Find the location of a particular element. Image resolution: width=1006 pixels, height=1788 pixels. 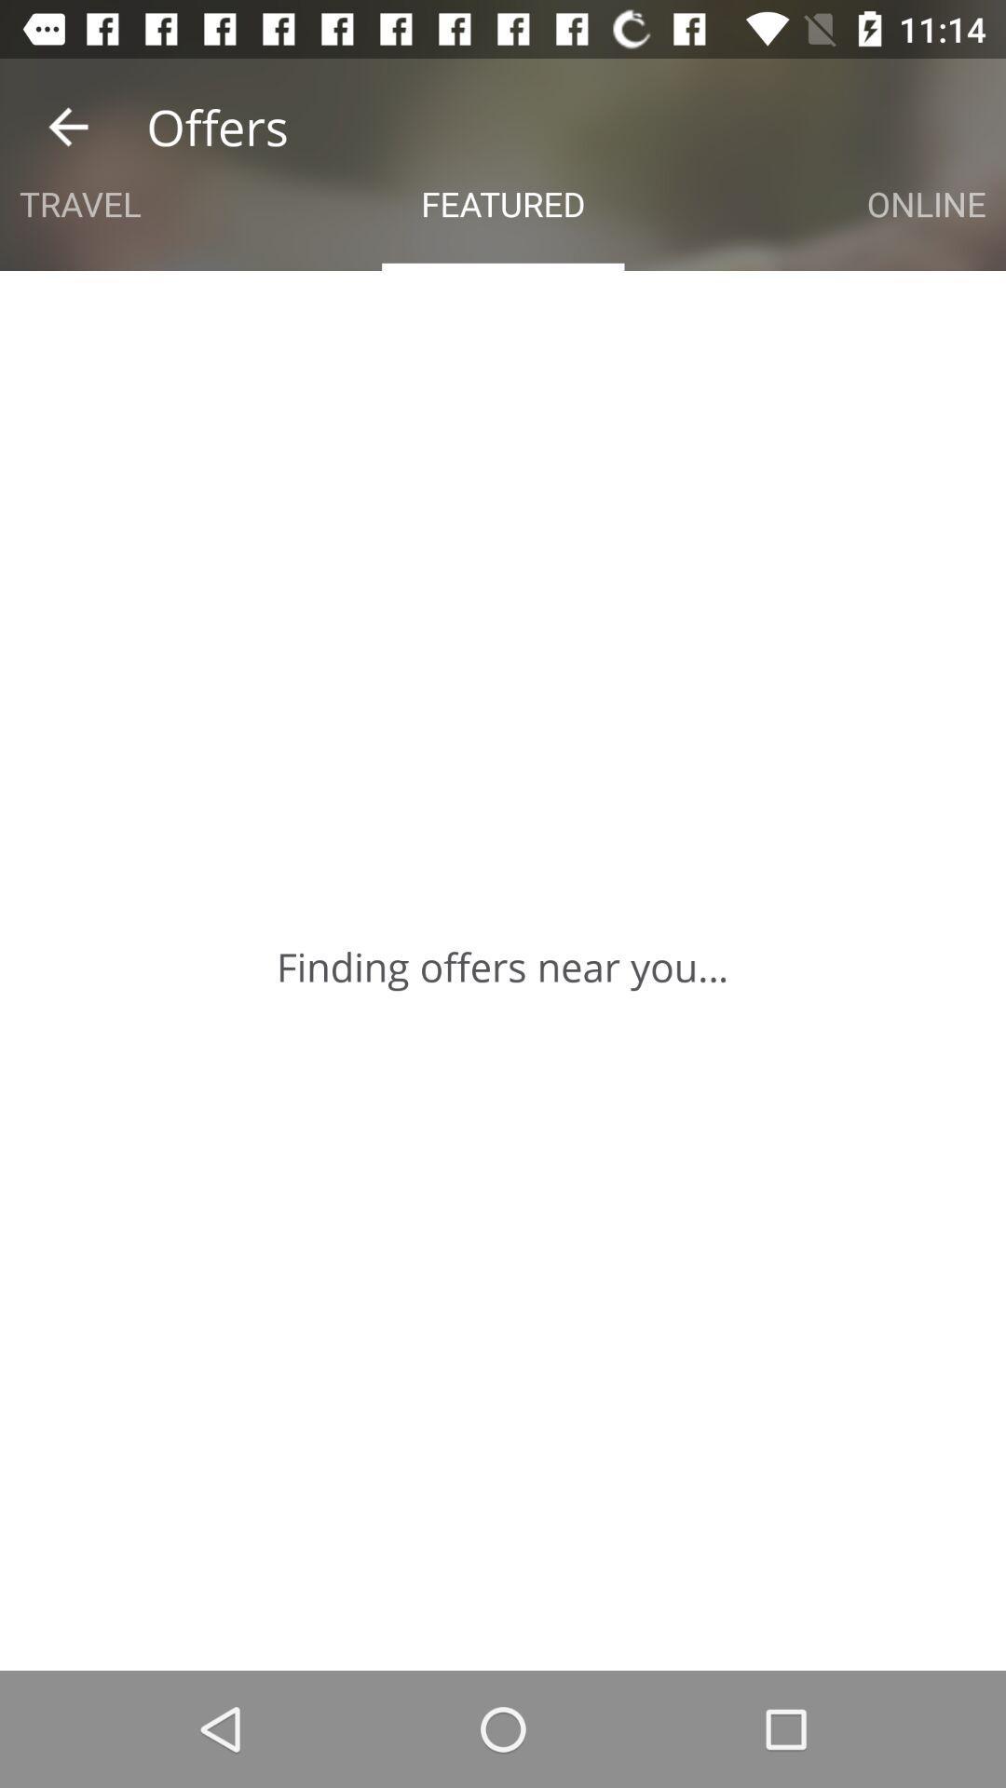

online app is located at coordinates (926, 204).